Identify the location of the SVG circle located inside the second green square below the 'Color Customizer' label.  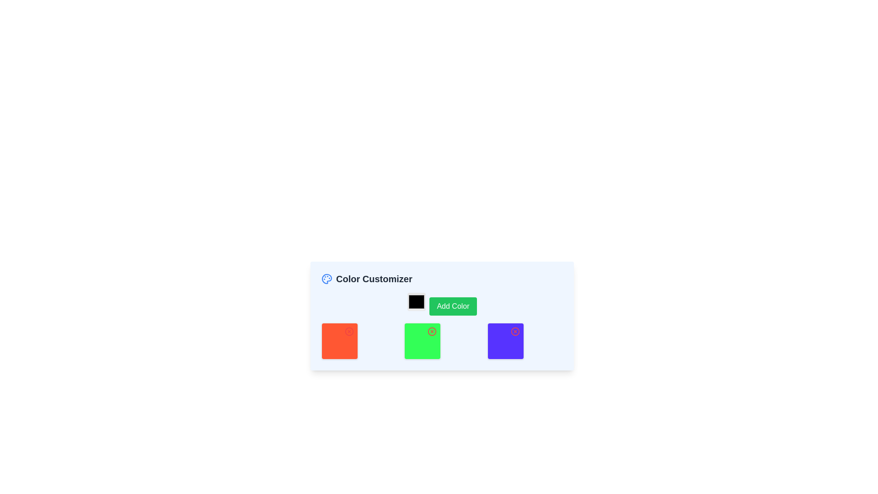
(432, 332).